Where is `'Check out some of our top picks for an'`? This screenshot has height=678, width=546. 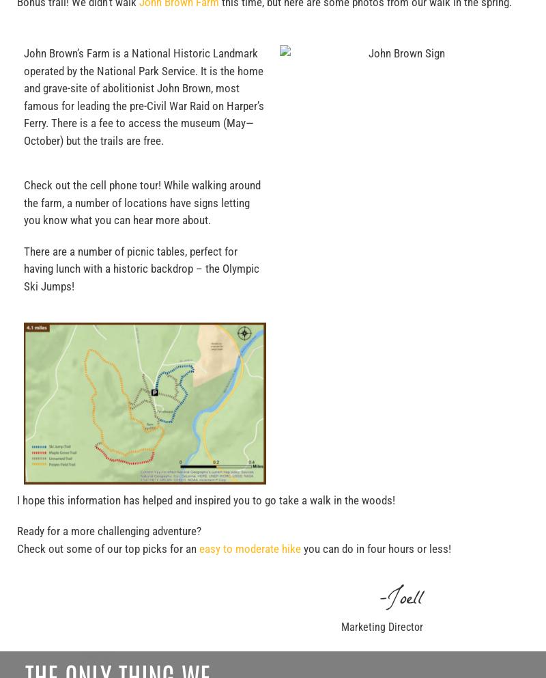 'Check out some of our top picks for an' is located at coordinates (108, 548).